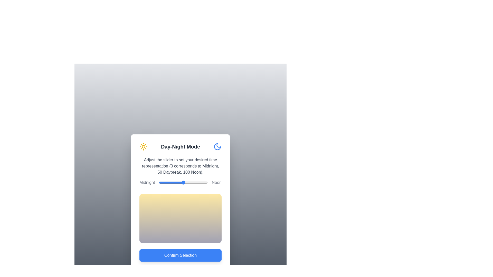  Describe the element at coordinates (206, 182) in the screenshot. I see `the slider to set the time representation to 97` at that location.